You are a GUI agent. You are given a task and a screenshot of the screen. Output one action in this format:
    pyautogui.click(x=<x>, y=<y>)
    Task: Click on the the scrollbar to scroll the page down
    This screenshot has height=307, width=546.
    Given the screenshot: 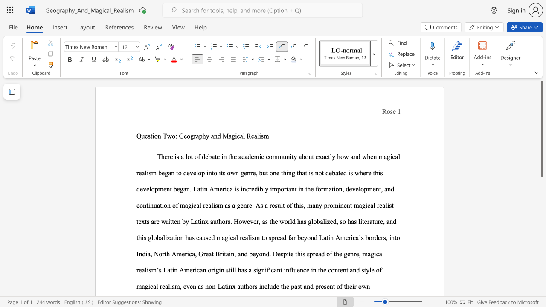 What is the action you would take?
    pyautogui.click(x=541, y=225)
    